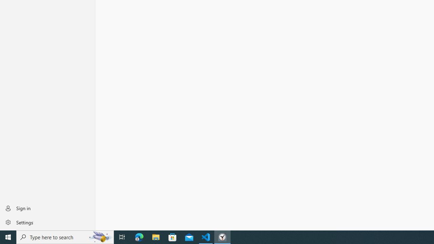 The height and width of the screenshot is (244, 434). What do you see at coordinates (139, 237) in the screenshot?
I see `'Microsoft Edge'` at bounding box center [139, 237].